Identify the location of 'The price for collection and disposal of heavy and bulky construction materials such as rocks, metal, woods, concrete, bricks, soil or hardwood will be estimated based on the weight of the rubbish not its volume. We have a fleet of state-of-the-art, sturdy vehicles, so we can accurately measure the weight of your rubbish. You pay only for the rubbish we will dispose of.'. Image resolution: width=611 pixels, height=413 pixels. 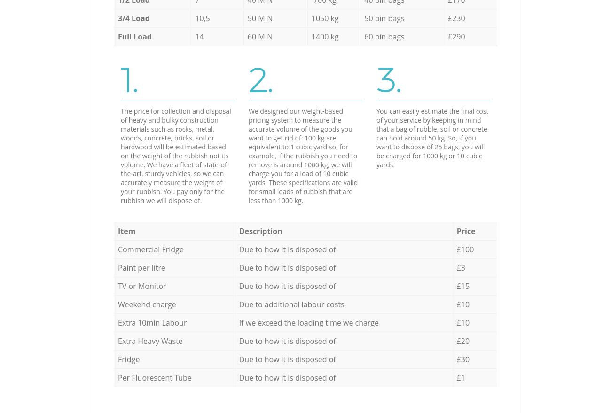
(175, 155).